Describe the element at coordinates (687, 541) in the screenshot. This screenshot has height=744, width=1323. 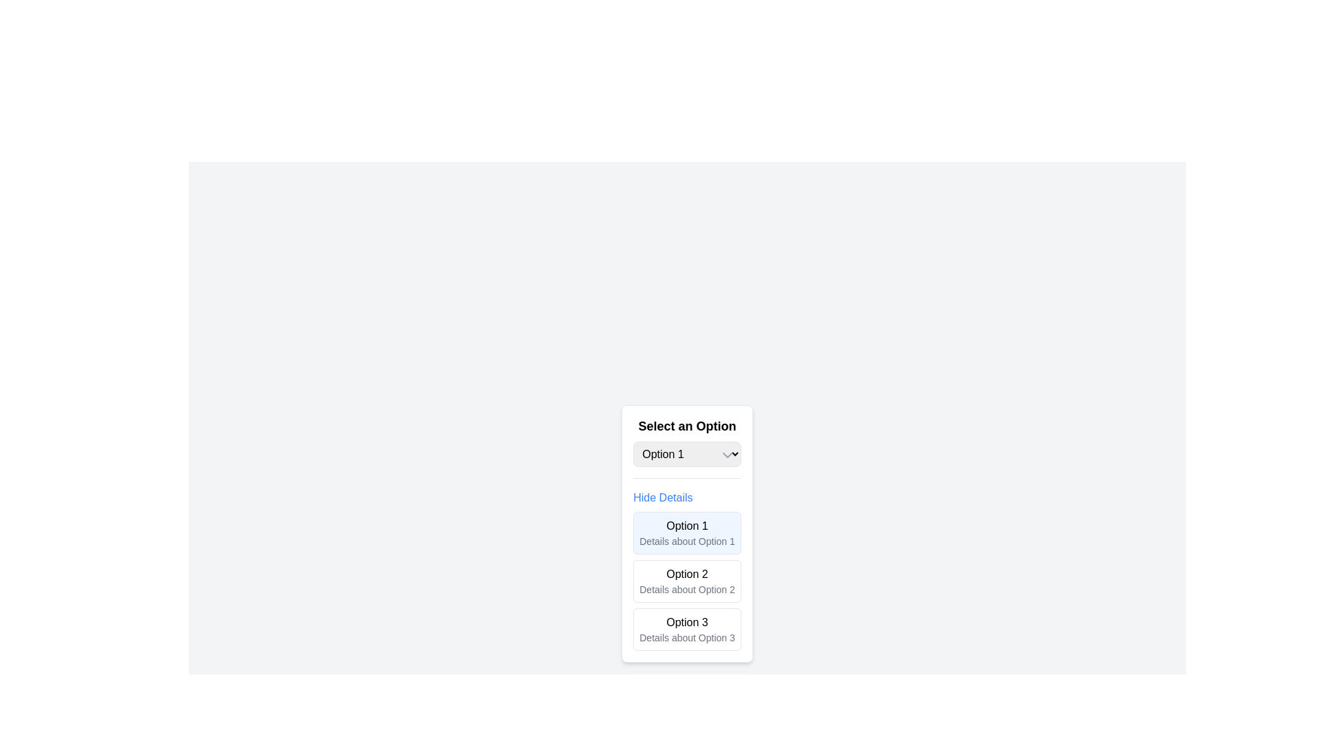
I see `the text label displaying 'Details about Option 1', which is styled with gray color and located below the 'Option 1' heading within its containing card` at that location.